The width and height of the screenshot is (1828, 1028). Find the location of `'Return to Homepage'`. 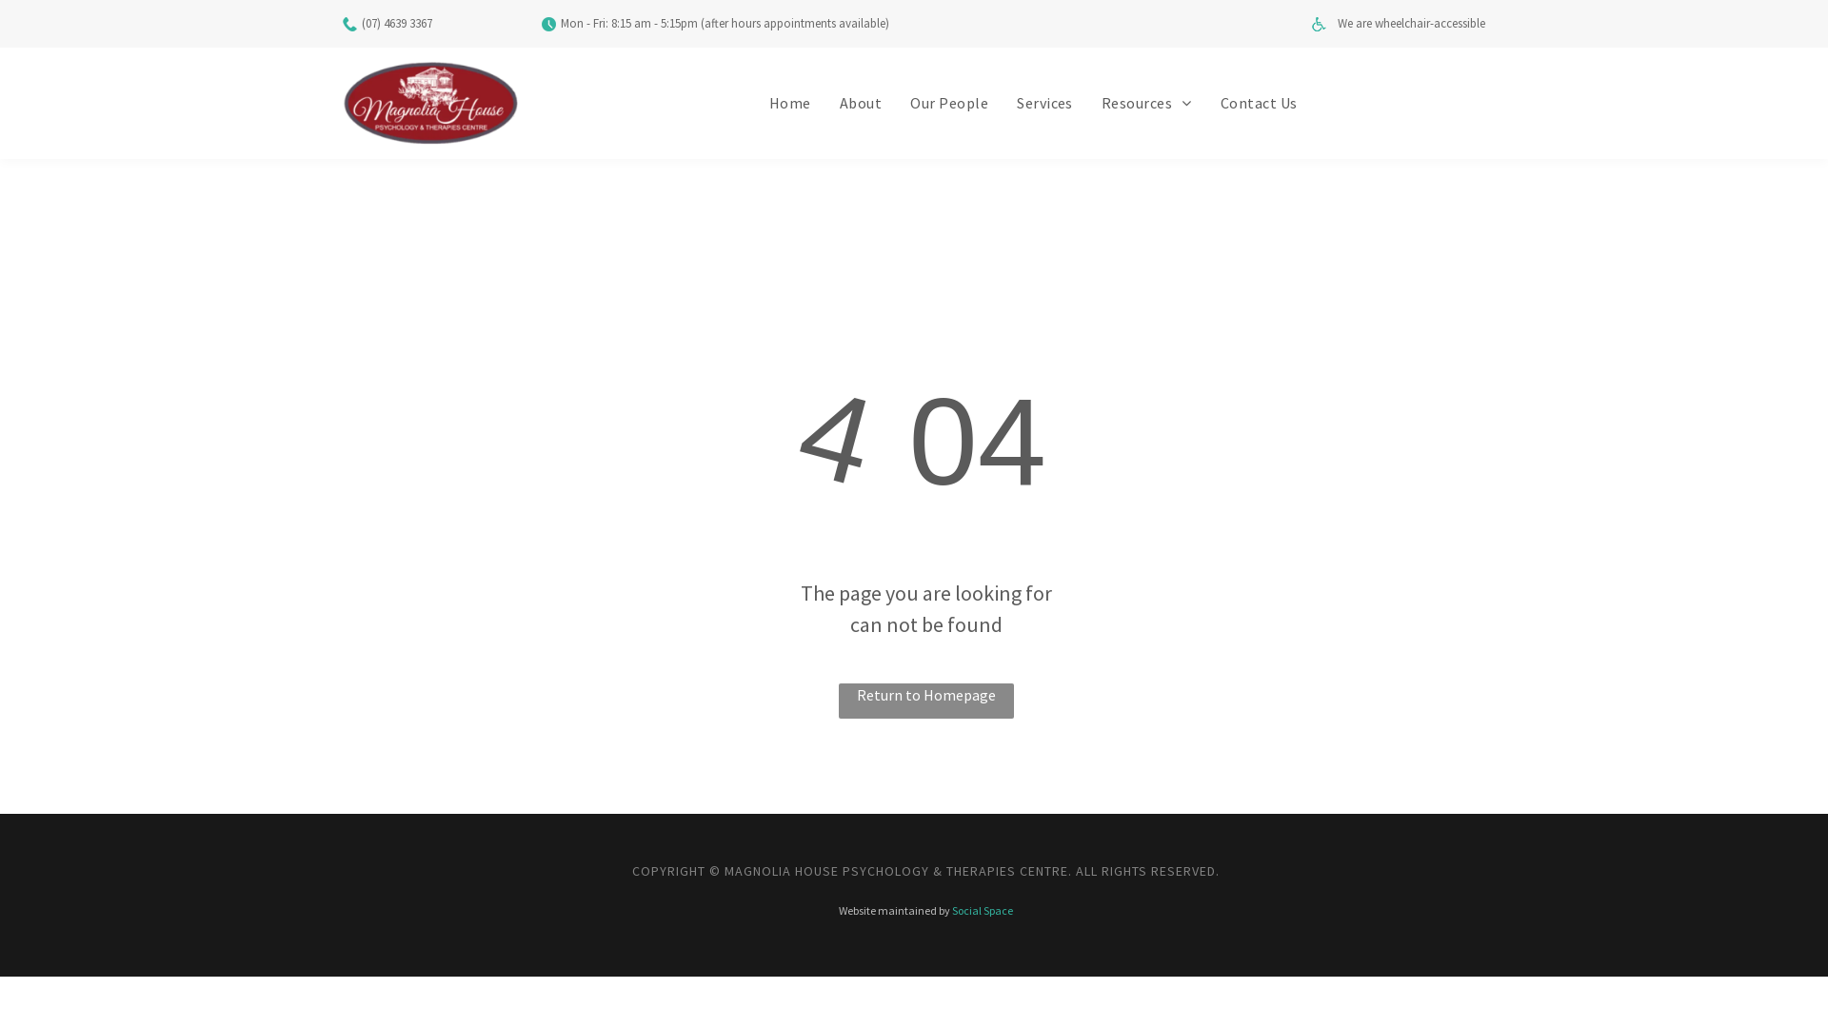

'Return to Homepage' is located at coordinates (926, 701).